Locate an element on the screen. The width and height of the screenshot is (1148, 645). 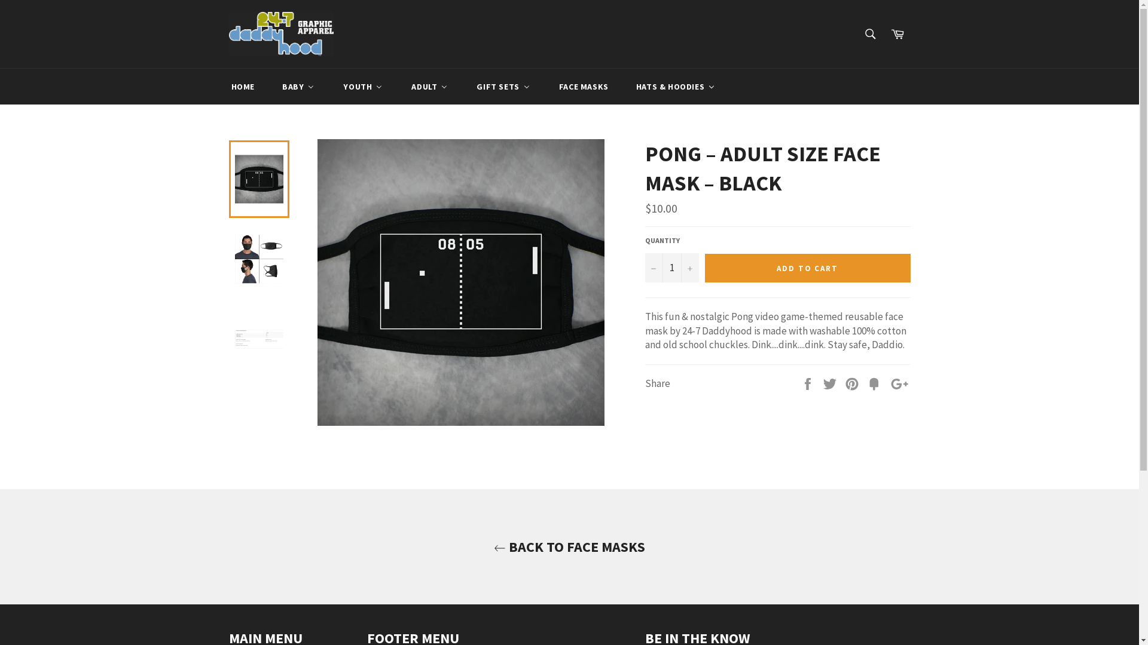
'HATS & HOODIES' is located at coordinates (675, 86).